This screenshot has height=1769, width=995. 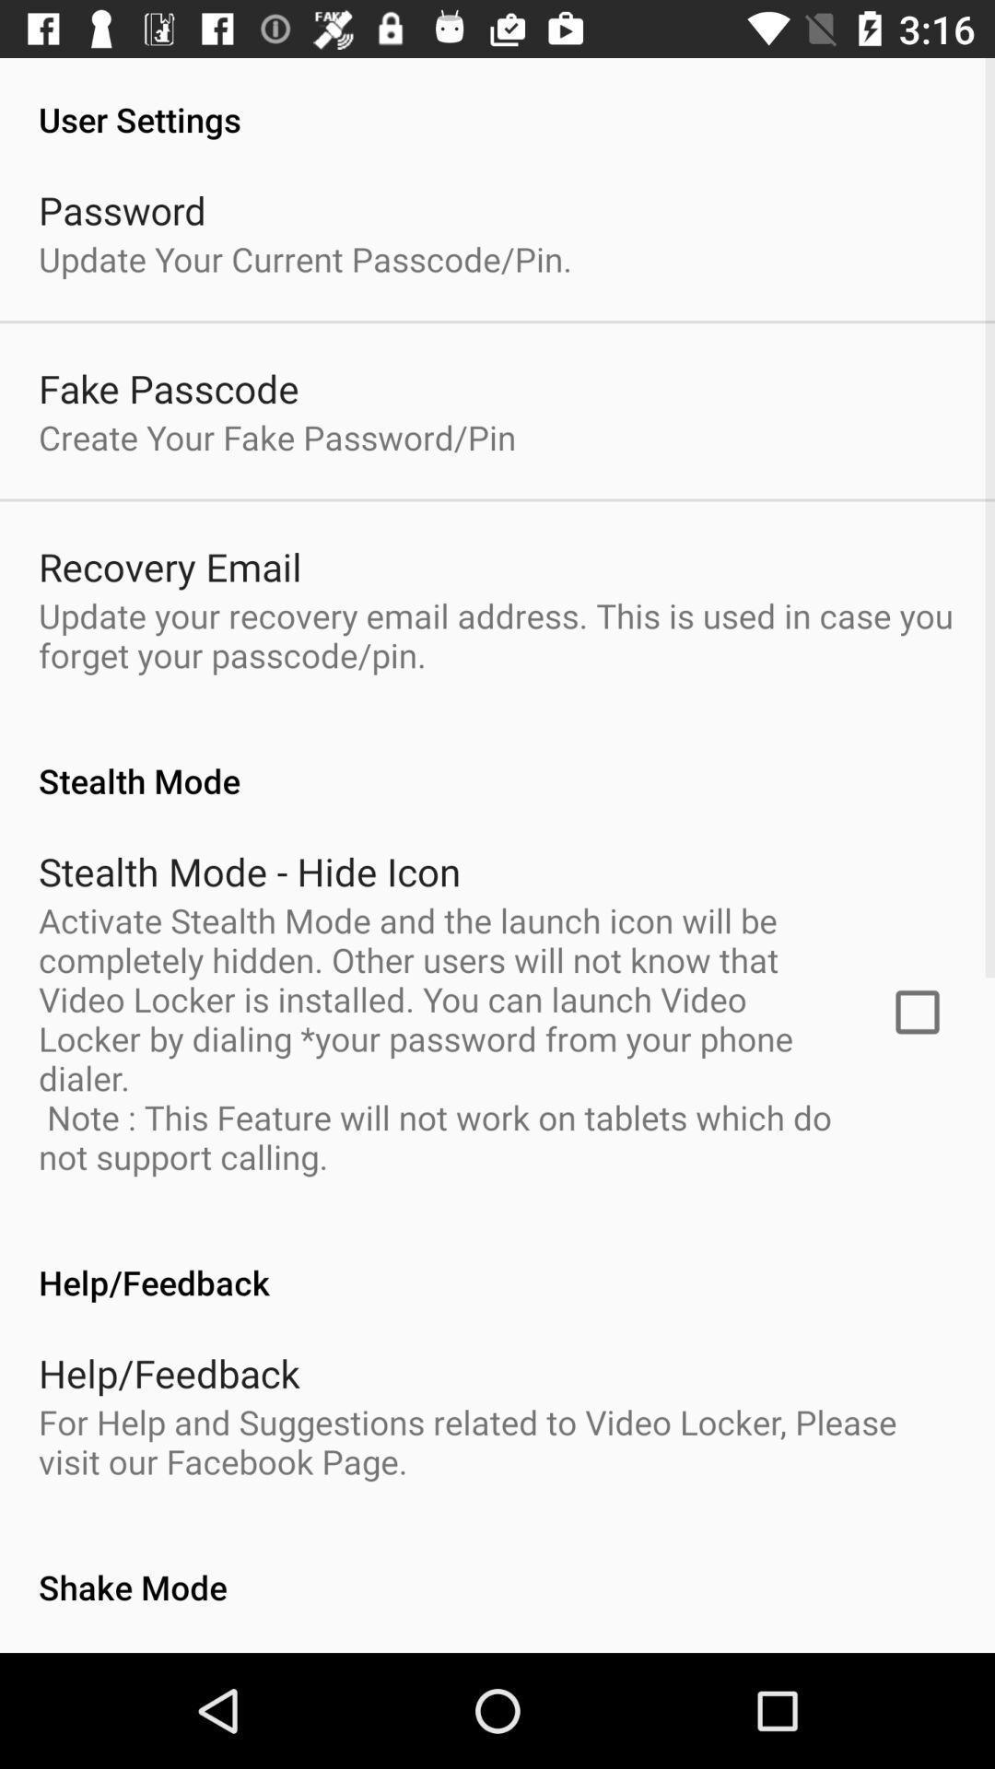 What do you see at coordinates (497, 1566) in the screenshot?
I see `shake mode item` at bounding box center [497, 1566].